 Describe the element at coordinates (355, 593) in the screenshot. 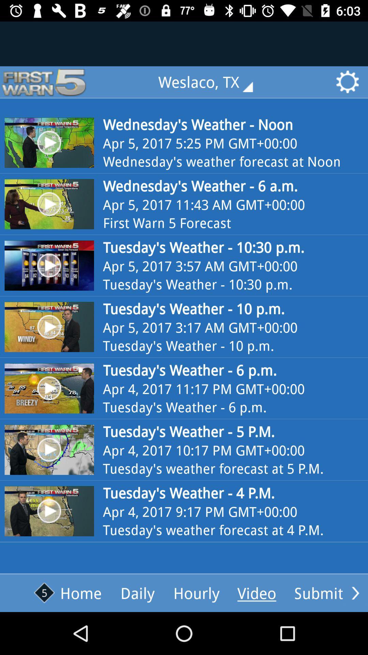

I see `the arrow_forward icon` at that location.